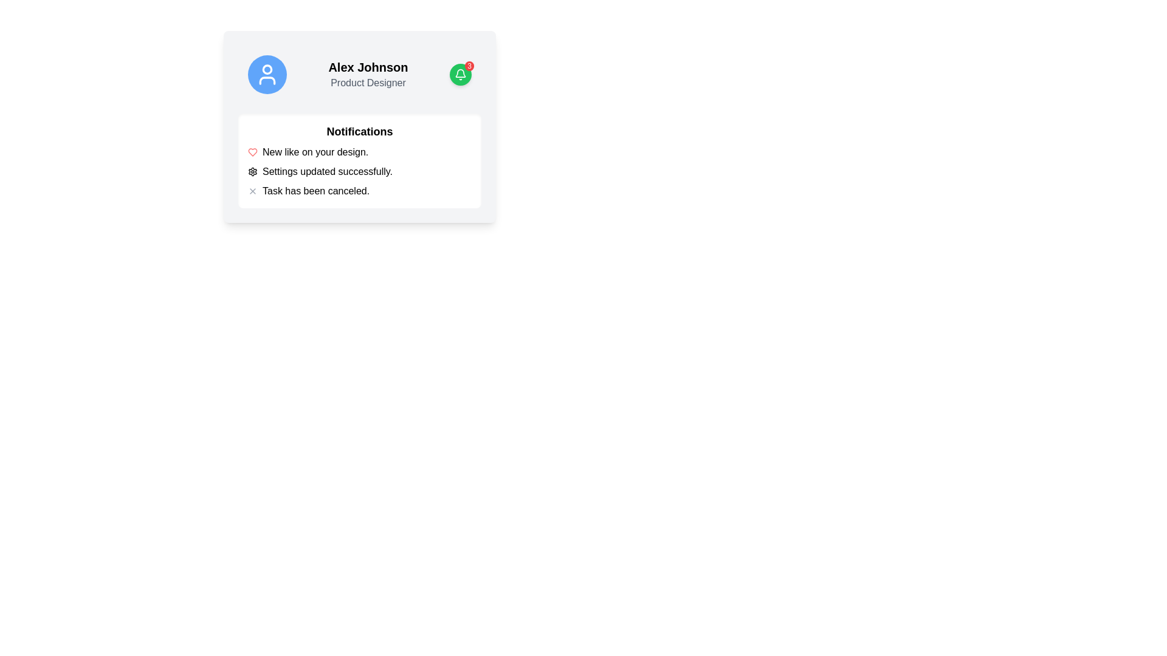  Describe the element at coordinates (252, 151) in the screenshot. I see `the 'like' icon located to the left of the text 'New like on your design.'` at that location.